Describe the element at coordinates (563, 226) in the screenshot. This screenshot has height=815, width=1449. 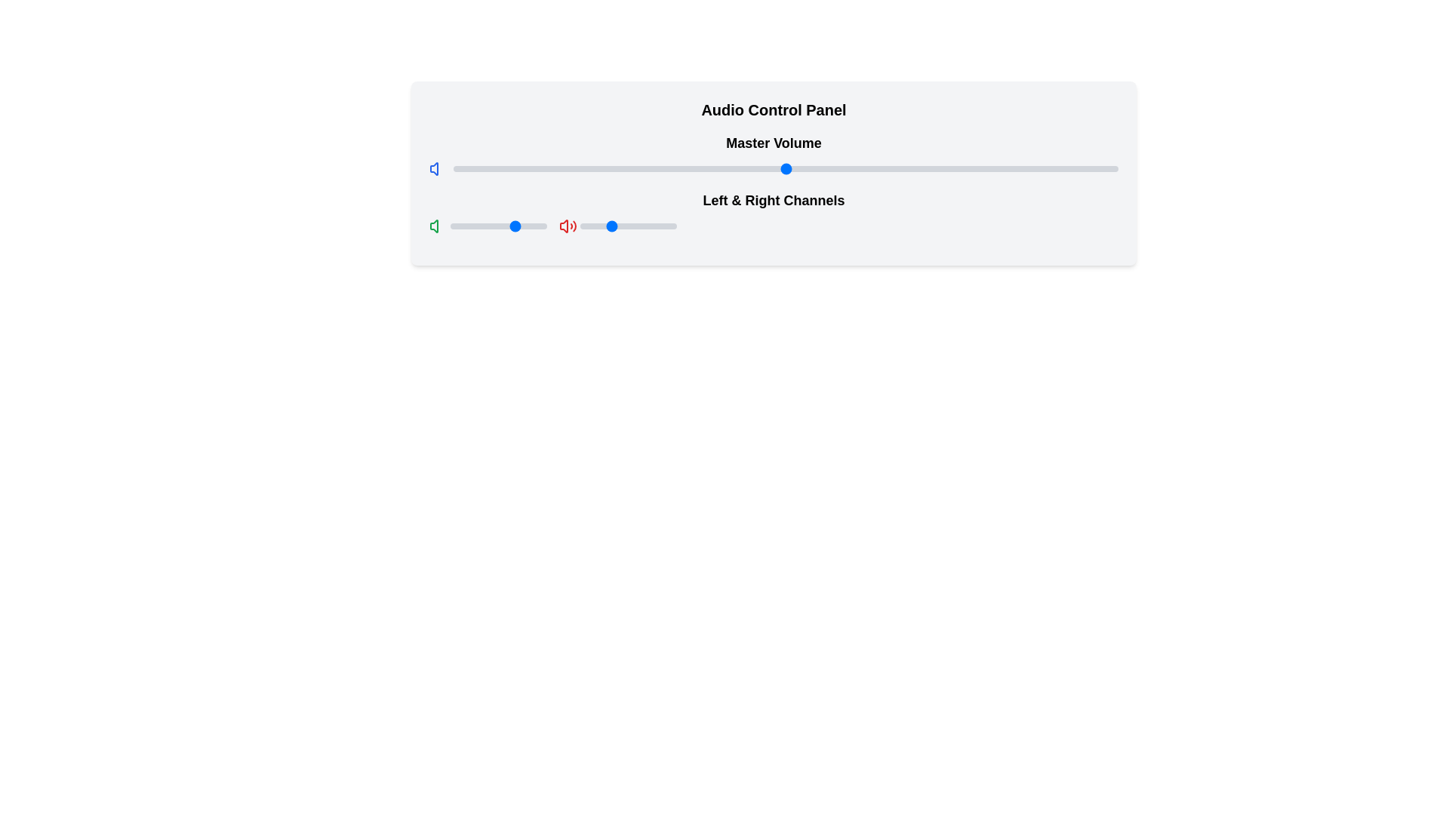
I see `the decorative graphical element of the speaker icon in the audio control panel UI, positioned centrally within the SVG component` at that location.